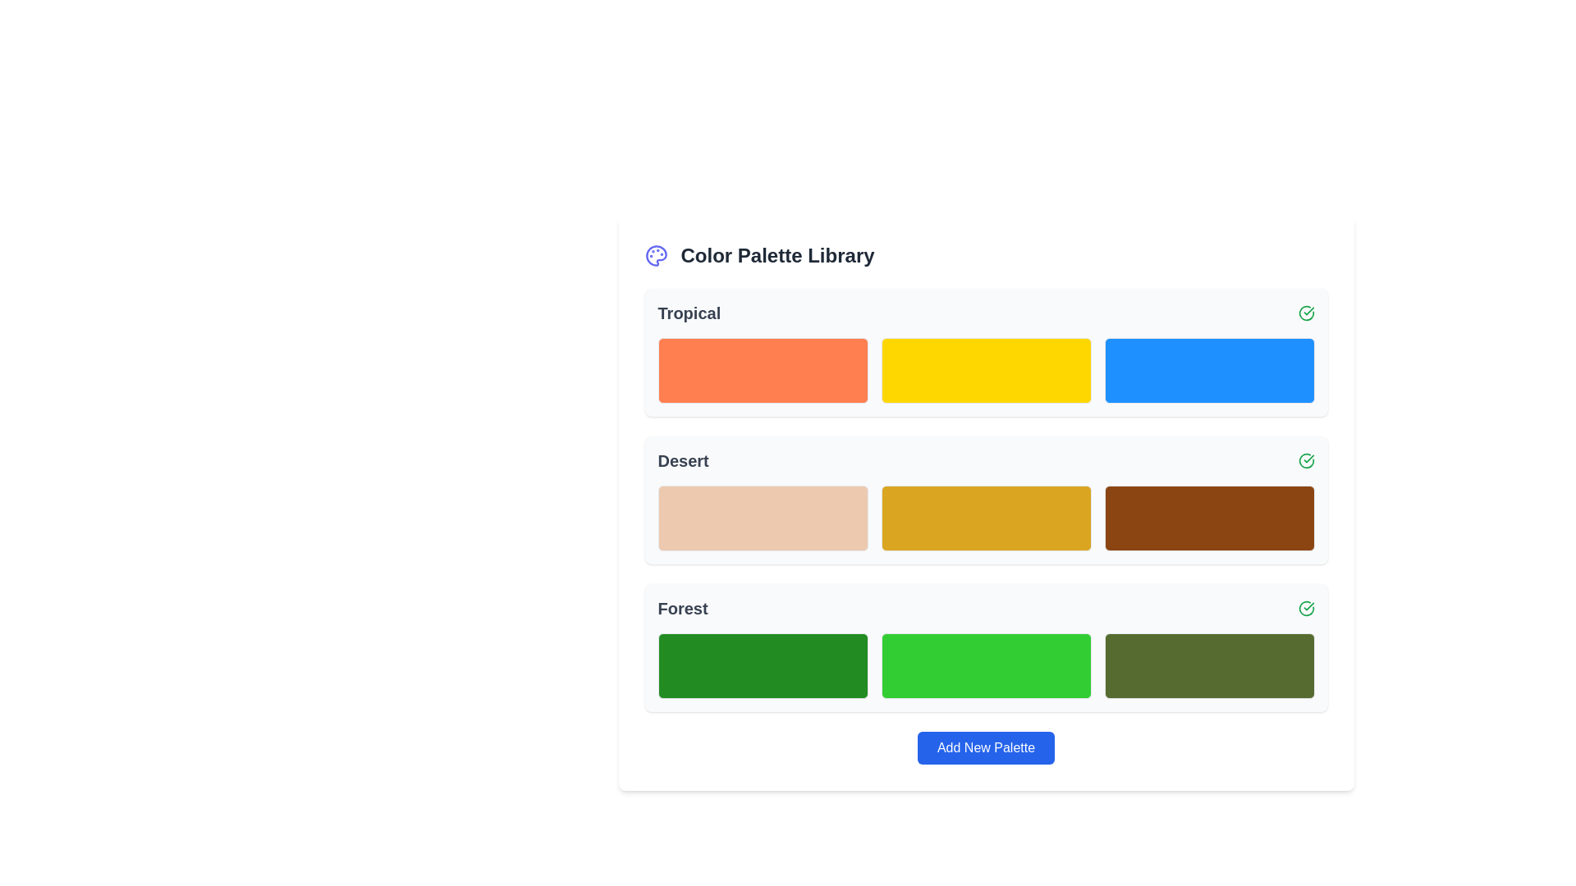 The height and width of the screenshot is (886, 1576). Describe the element at coordinates (1305, 313) in the screenshot. I see `the SVG-based status indicator marking the 'Tropical' section as verified` at that location.